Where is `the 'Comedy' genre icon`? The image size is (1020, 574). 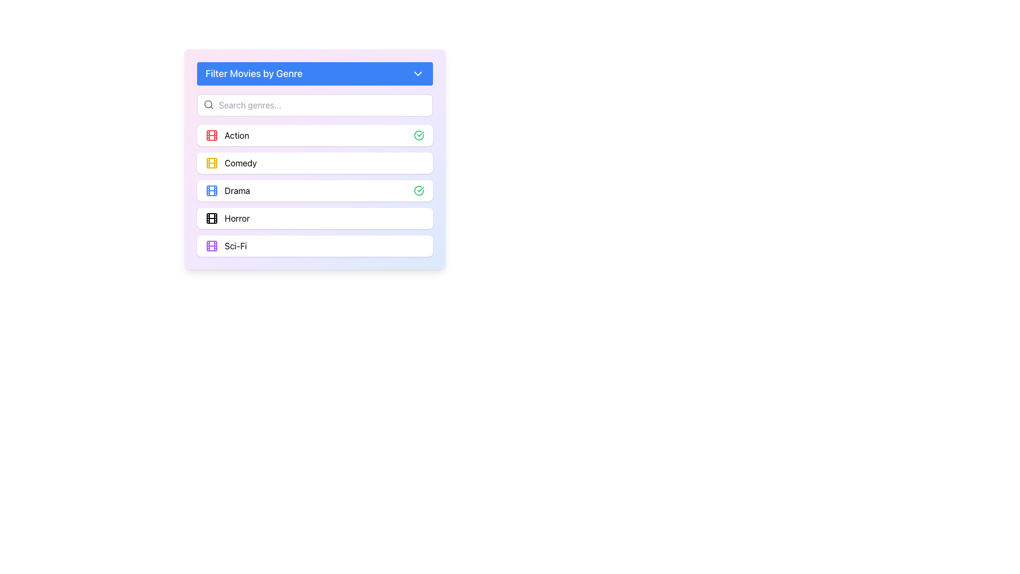
the 'Comedy' genre icon is located at coordinates (211, 163).